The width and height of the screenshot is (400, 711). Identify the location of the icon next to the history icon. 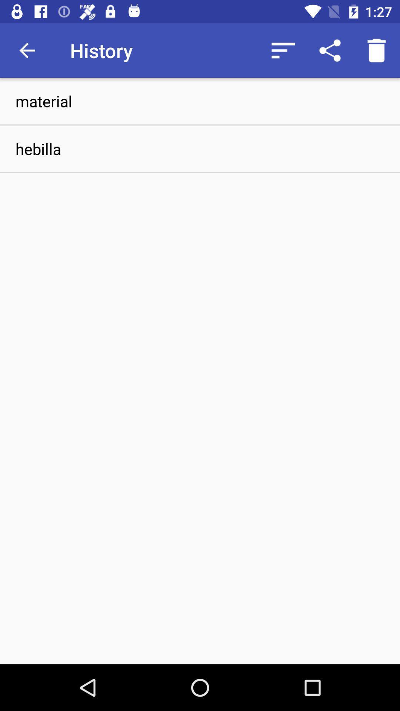
(27, 50).